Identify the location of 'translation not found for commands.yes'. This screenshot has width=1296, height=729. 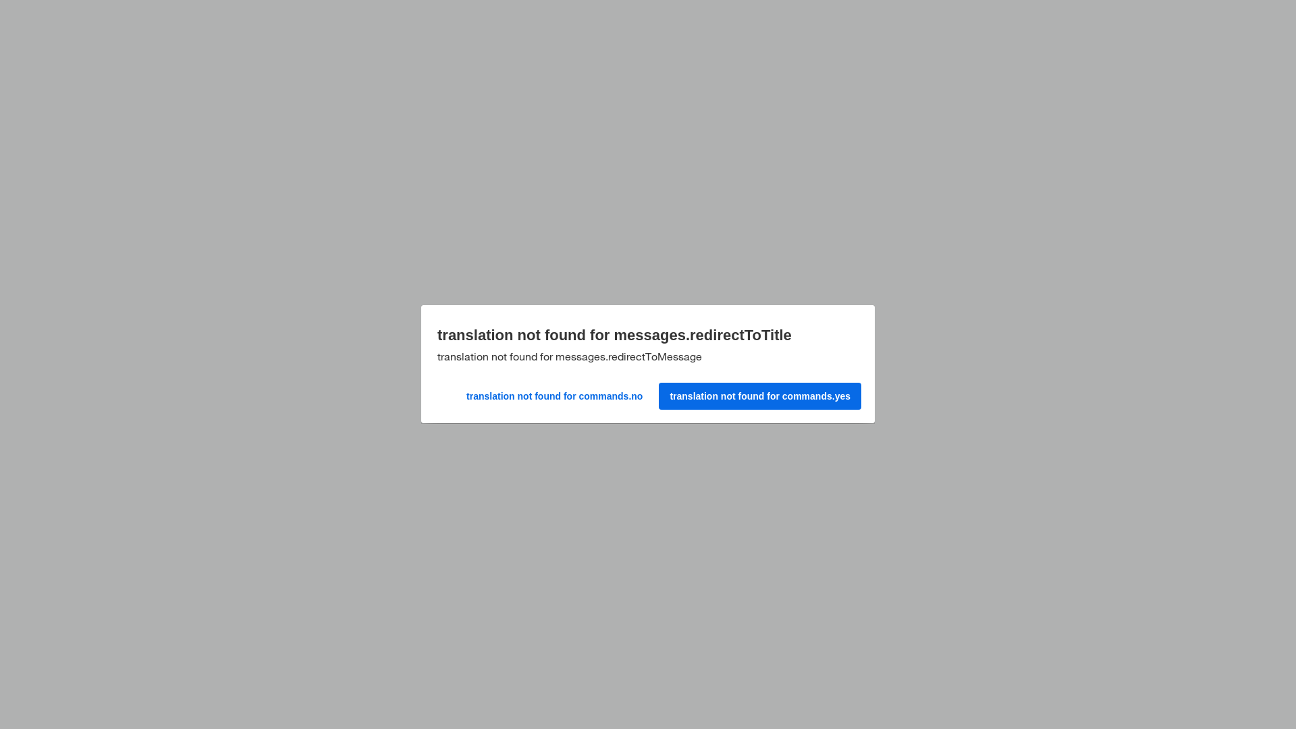
(758, 394).